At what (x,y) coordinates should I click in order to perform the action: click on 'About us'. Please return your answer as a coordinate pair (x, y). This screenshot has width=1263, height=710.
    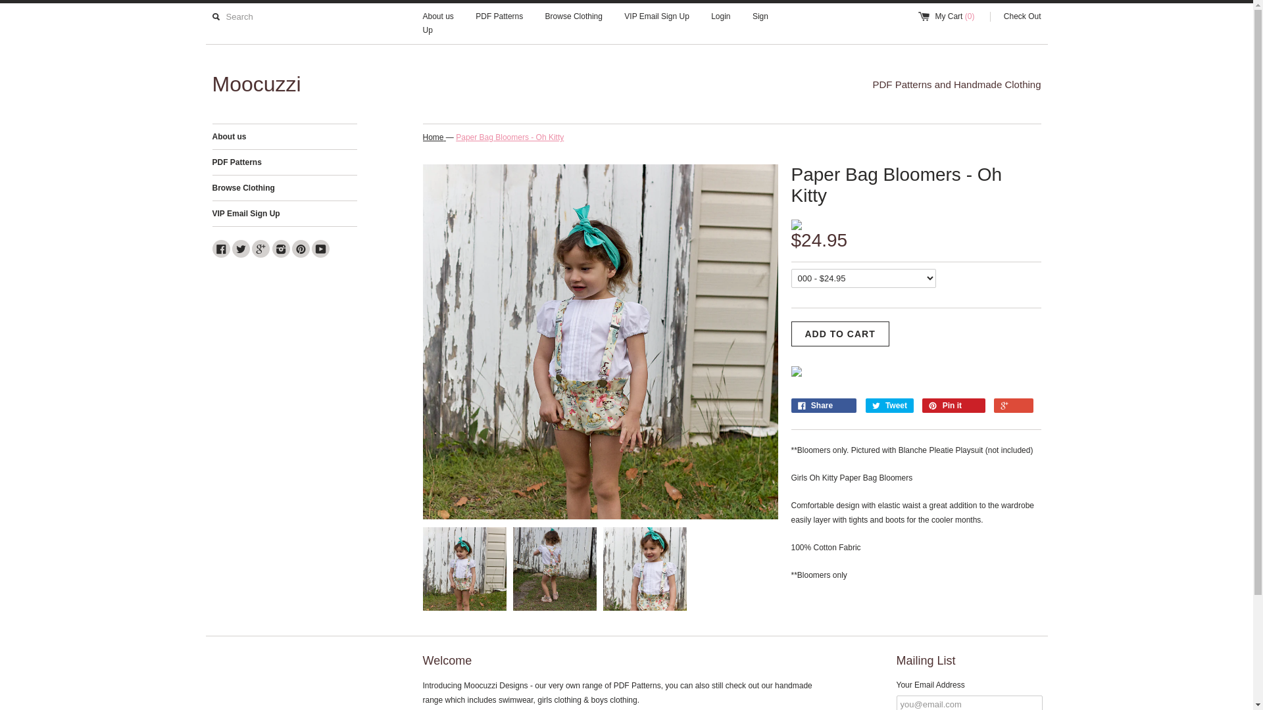
    Looking at the image, I should click on (284, 137).